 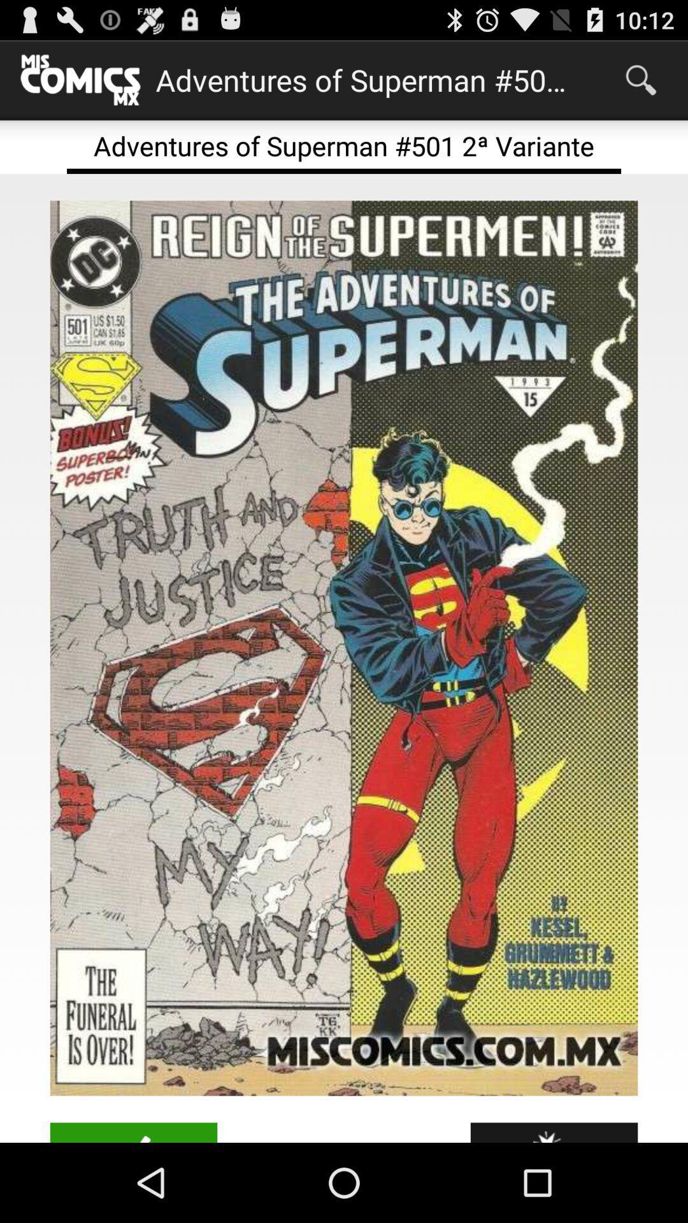 What do you see at coordinates (133, 1133) in the screenshot?
I see `the icon at the bottom left corner` at bounding box center [133, 1133].